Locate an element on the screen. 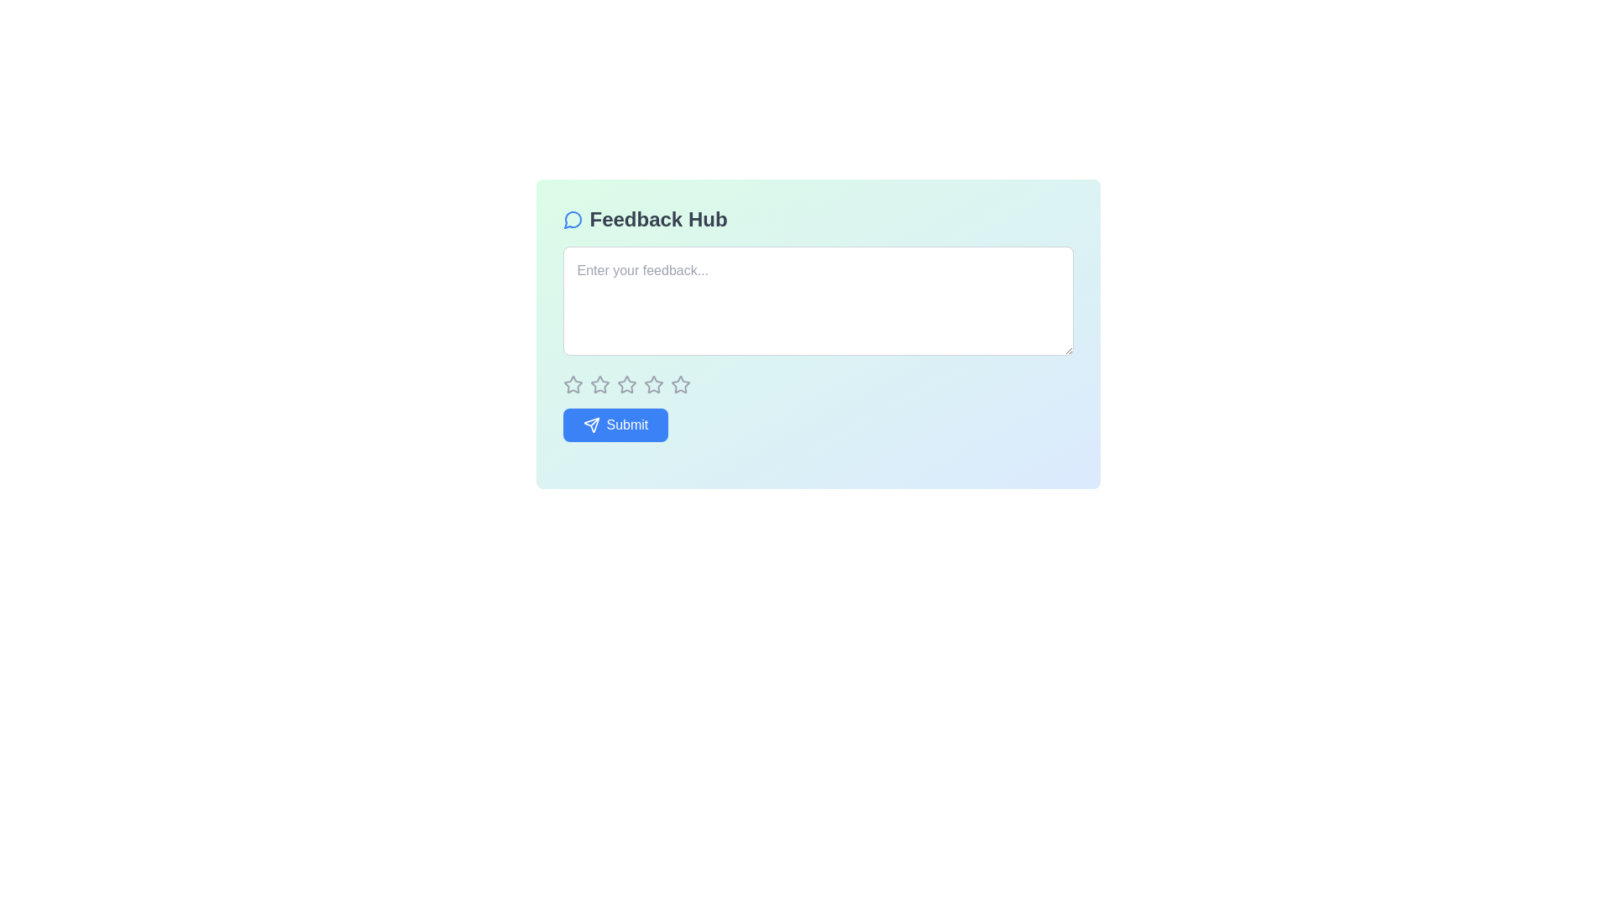 This screenshot has width=1612, height=906. the second star icon in the horizontal sequence of five stars, which represents a possible rating in the feedback box is located at coordinates (599, 384).